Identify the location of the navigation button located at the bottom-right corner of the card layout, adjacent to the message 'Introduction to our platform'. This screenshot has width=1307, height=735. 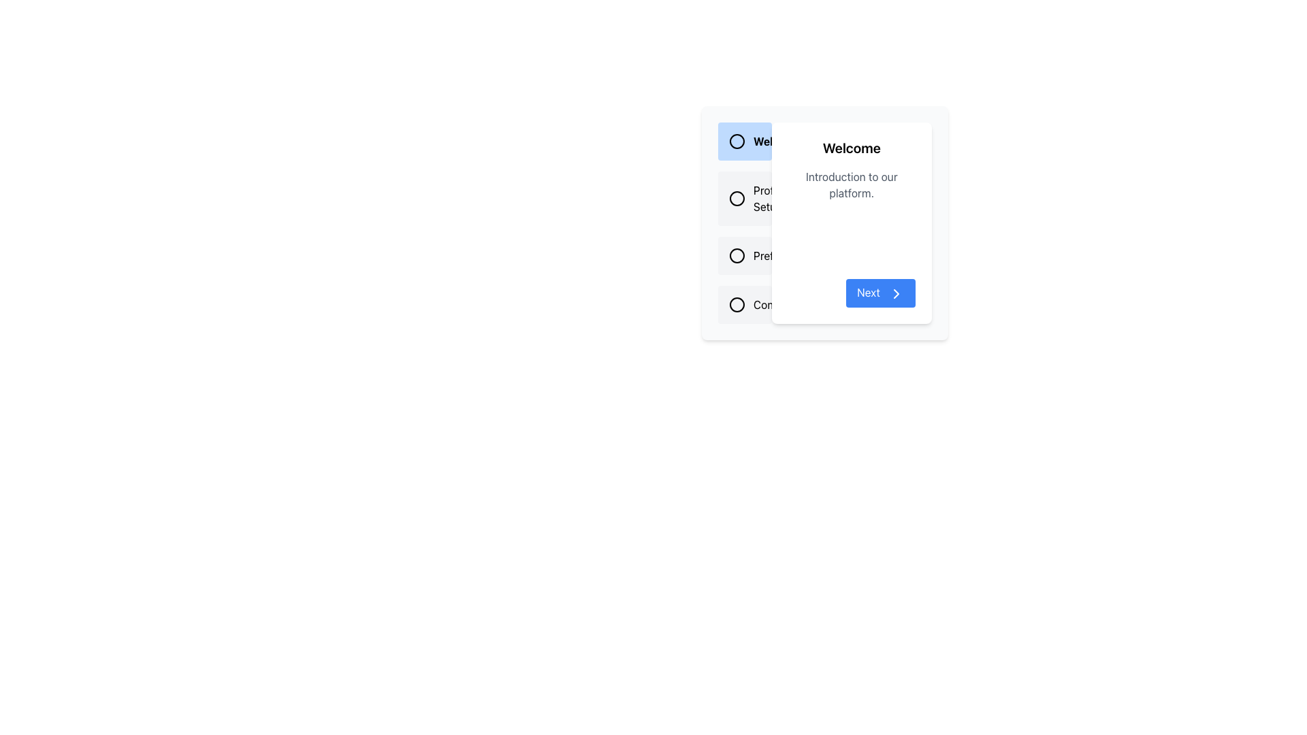
(851, 293).